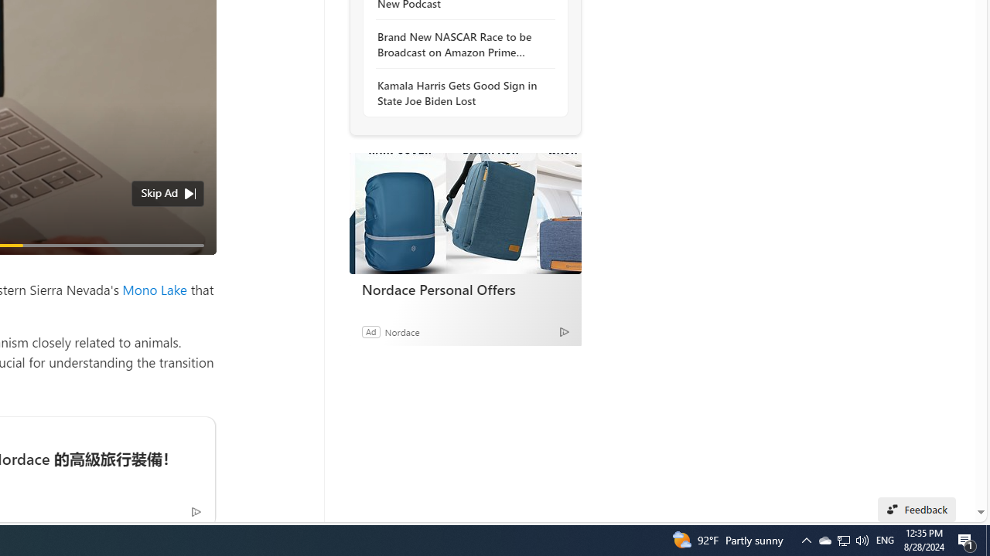 Image resolution: width=990 pixels, height=556 pixels. Describe the element at coordinates (460, 43) in the screenshot. I see `'Brand New NASCAR Race to be Broadcast on Amazon Prime Video'` at that location.